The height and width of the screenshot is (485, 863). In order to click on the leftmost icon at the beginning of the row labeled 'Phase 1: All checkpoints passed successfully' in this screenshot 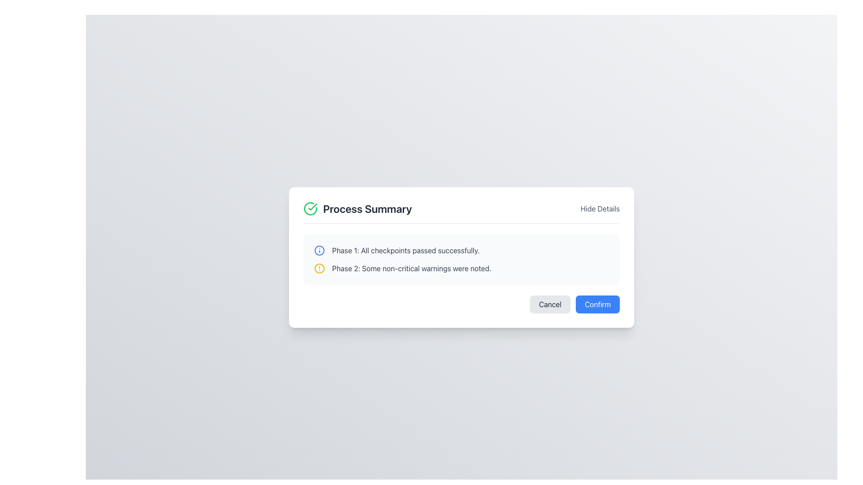, I will do `click(319, 250)`.